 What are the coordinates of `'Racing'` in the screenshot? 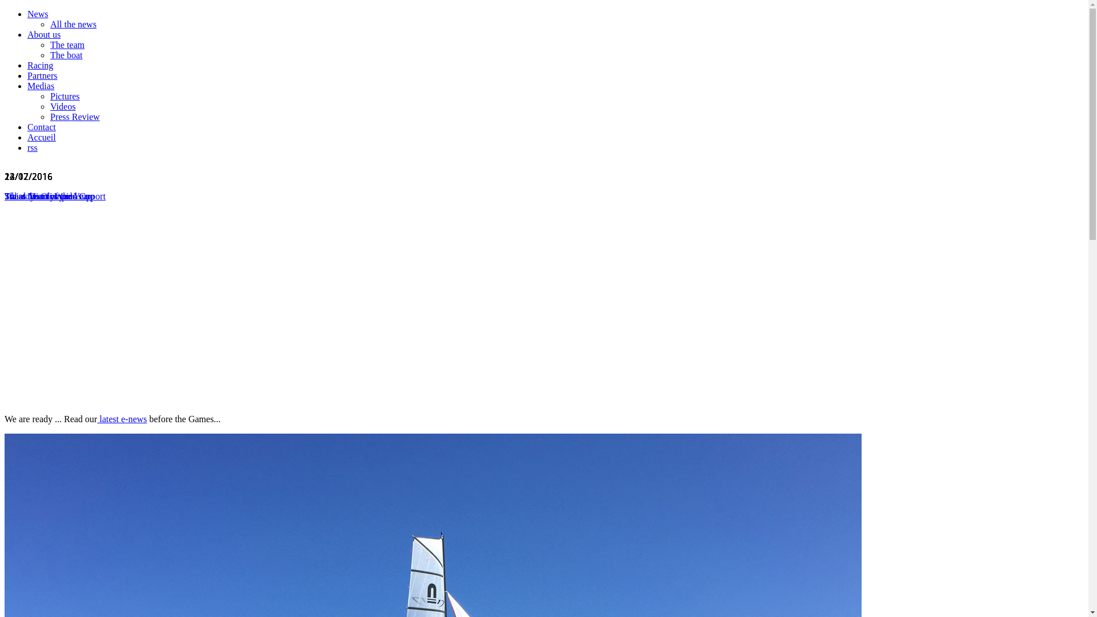 It's located at (40, 65).